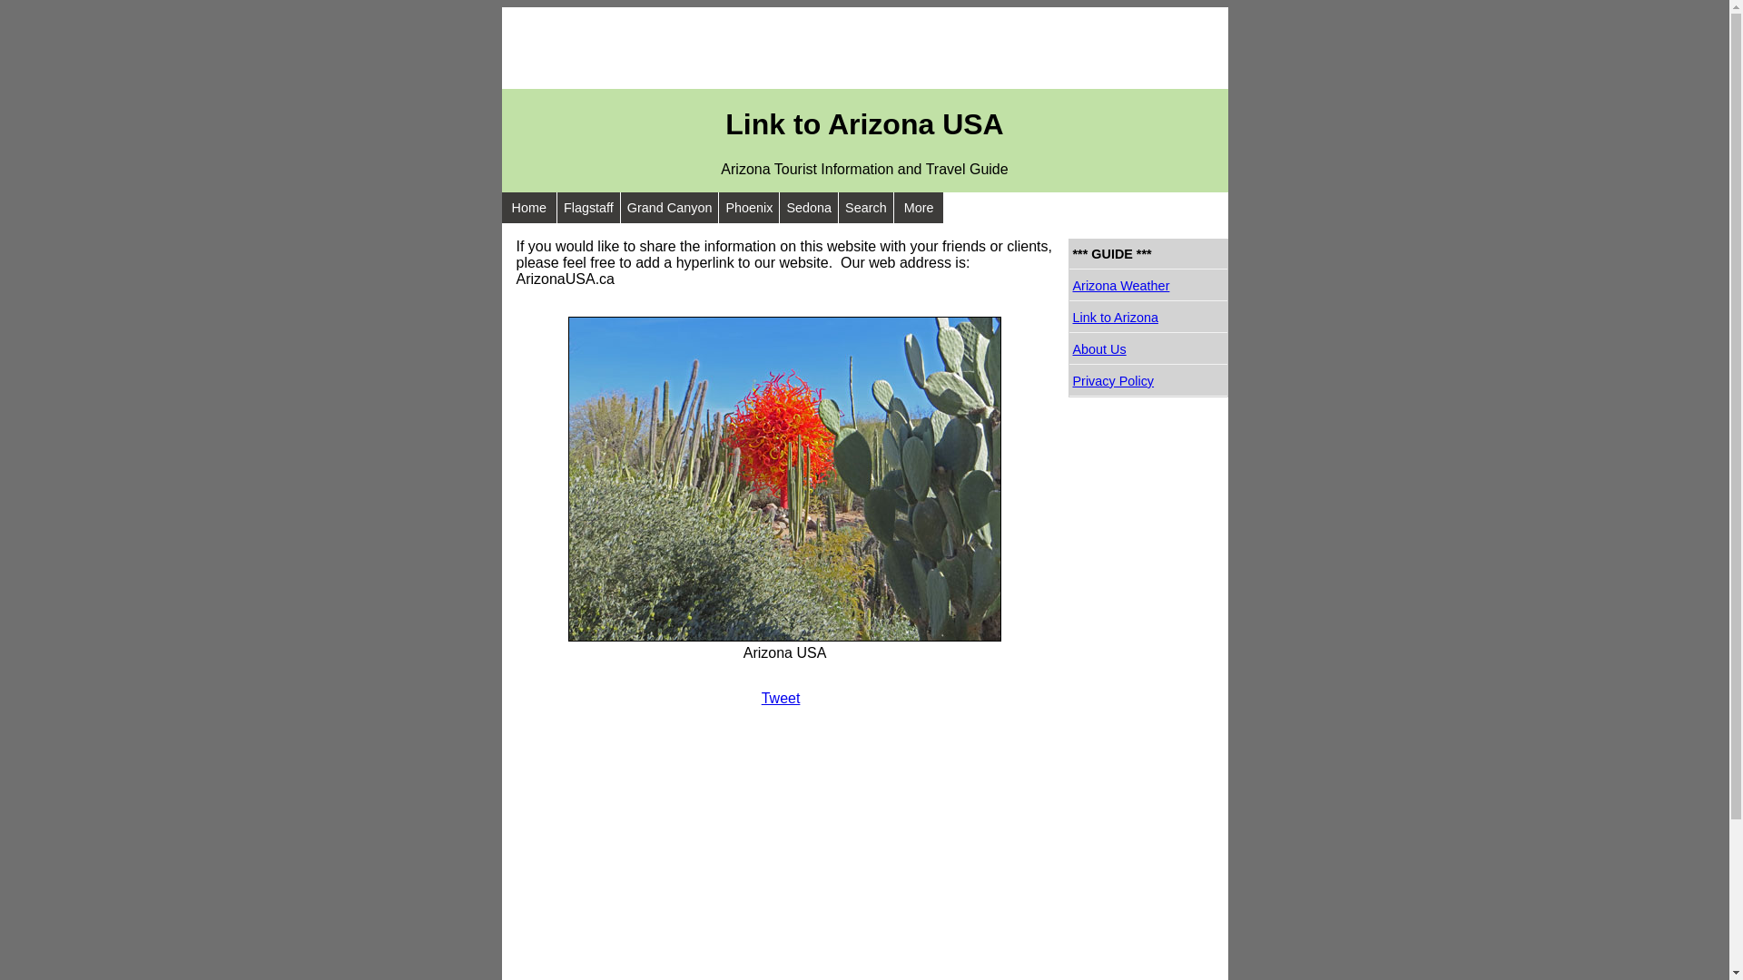  Describe the element at coordinates (501, 47) in the screenshot. I see `'Advertisement'` at that location.